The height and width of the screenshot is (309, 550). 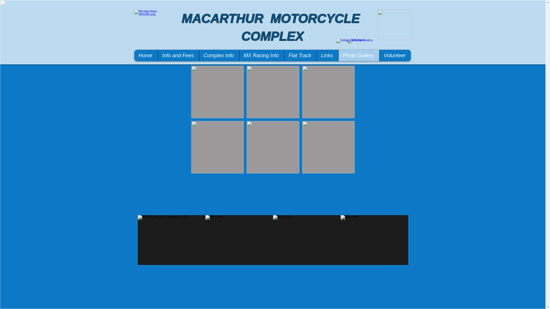 I want to click on 'Photo Gallery', so click(x=338, y=55).